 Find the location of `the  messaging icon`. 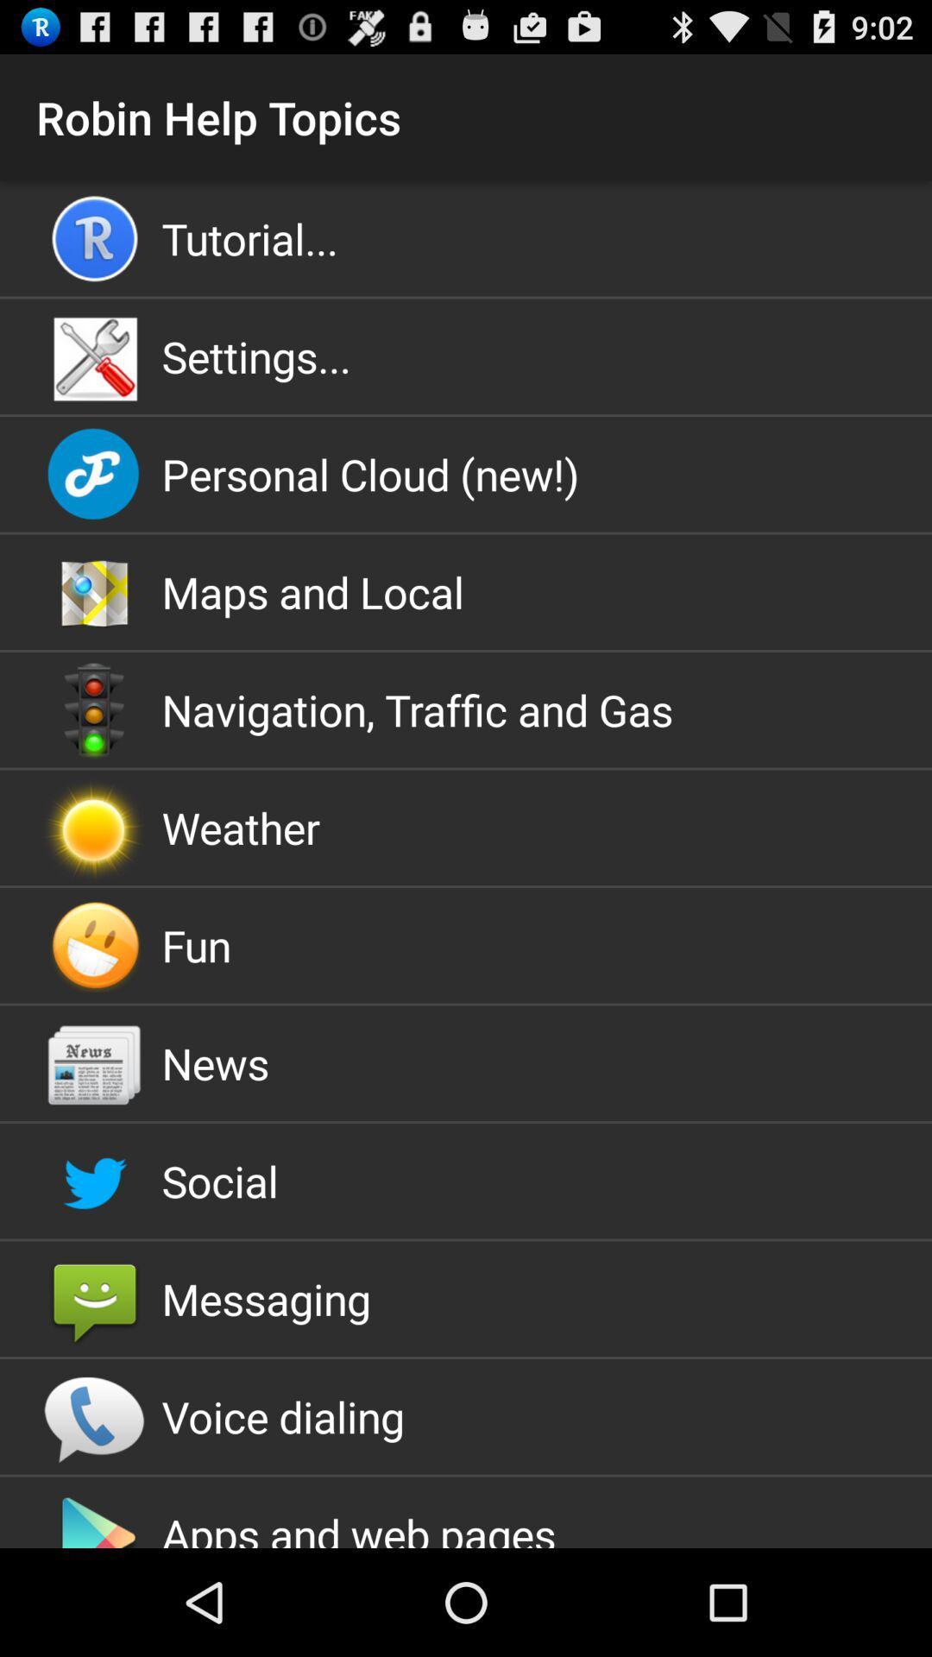

the  messaging icon is located at coordinates (466, 1299).